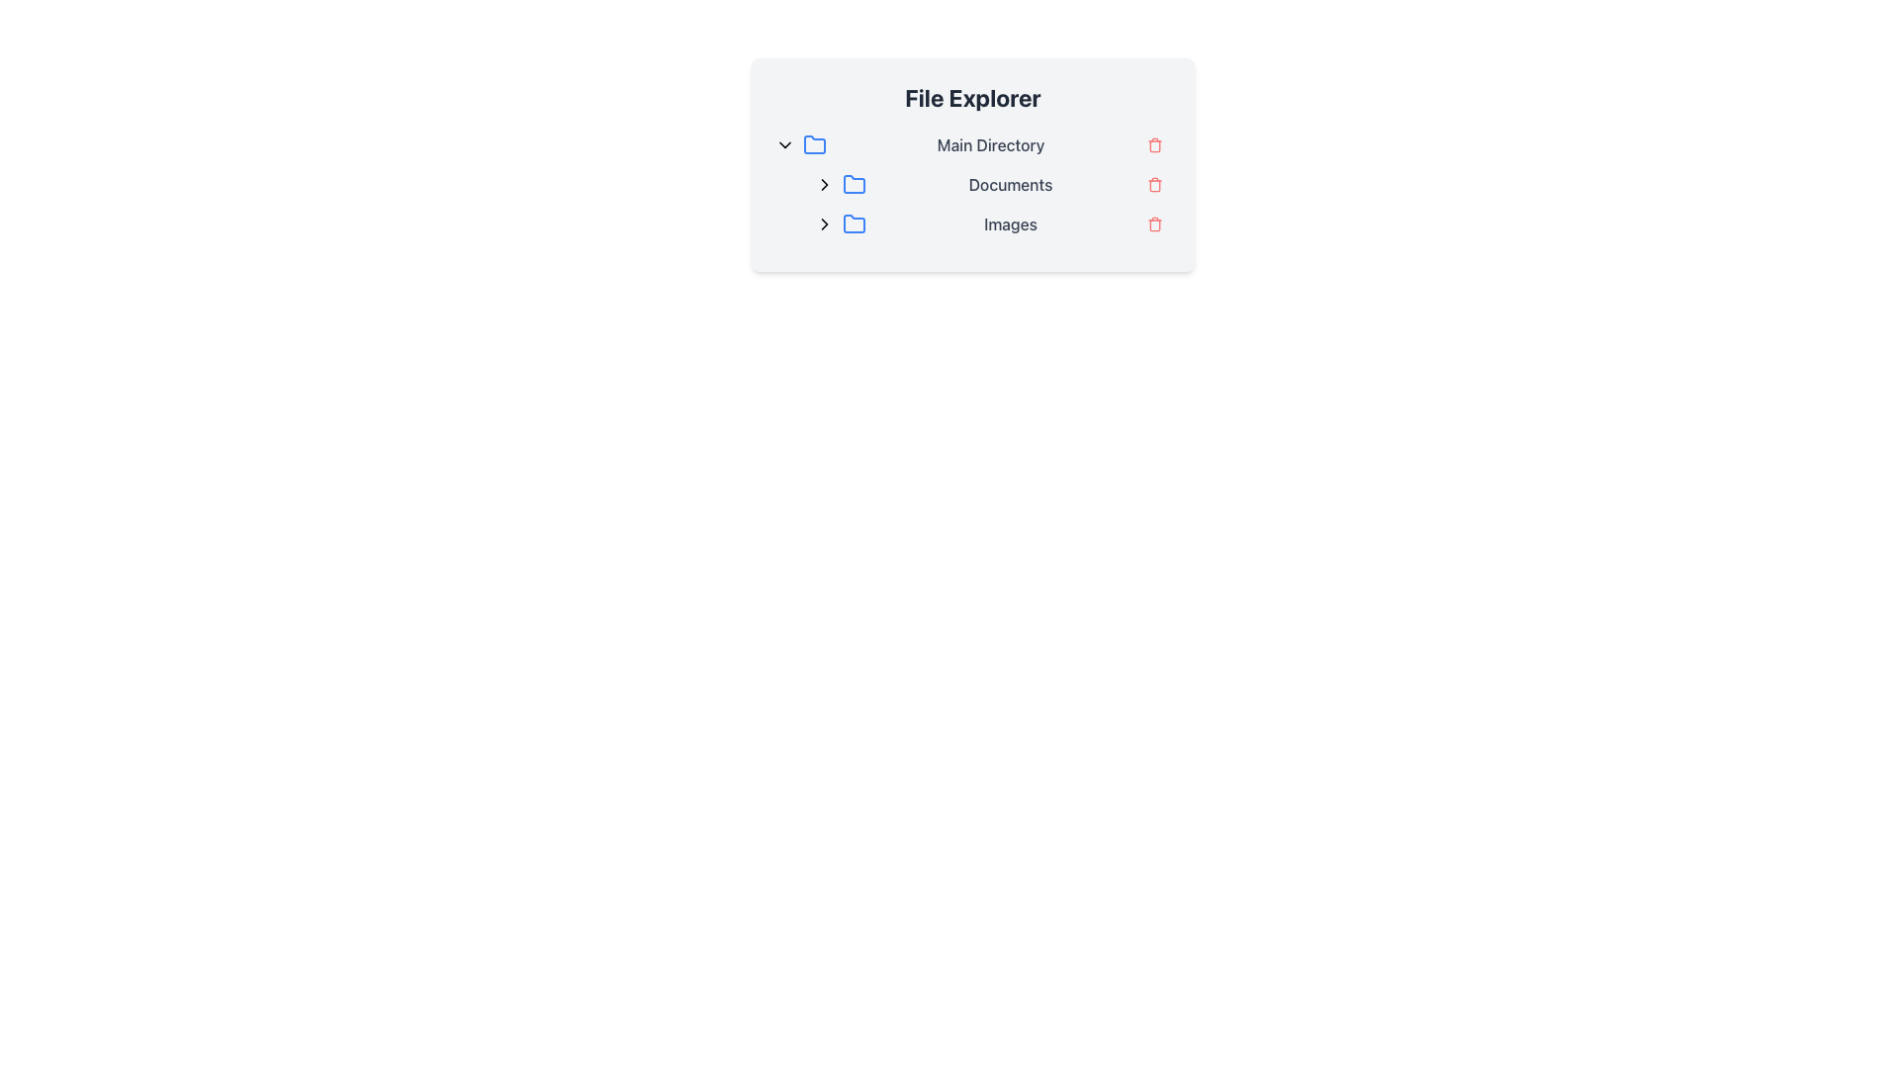  I want to click on the blue folder icon located in the second row of icons within the file explorer, positioned to the left of the 'Documents' text label, so click(855, 183).